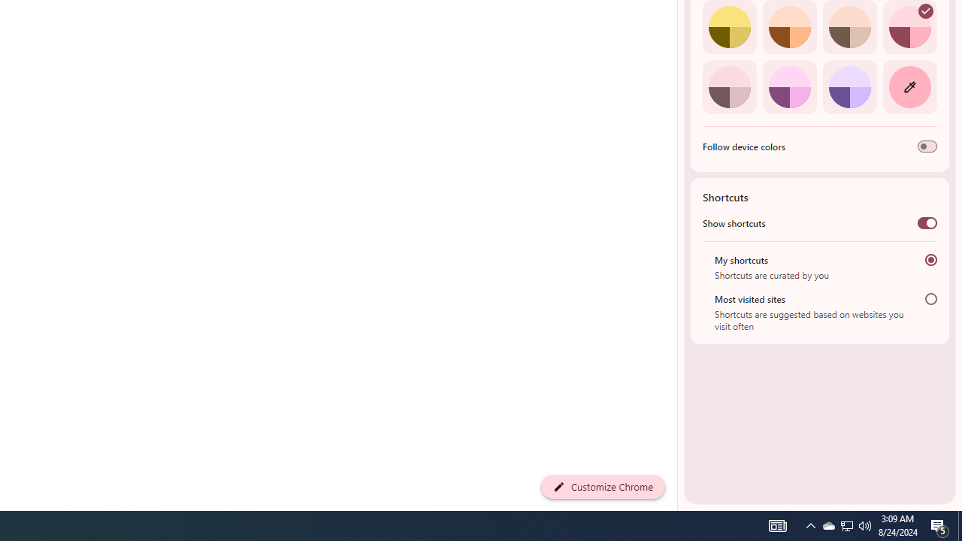 This screenshot has width=962, height=541. I want to click on 'AutomationID: svg', so click(925, 11).